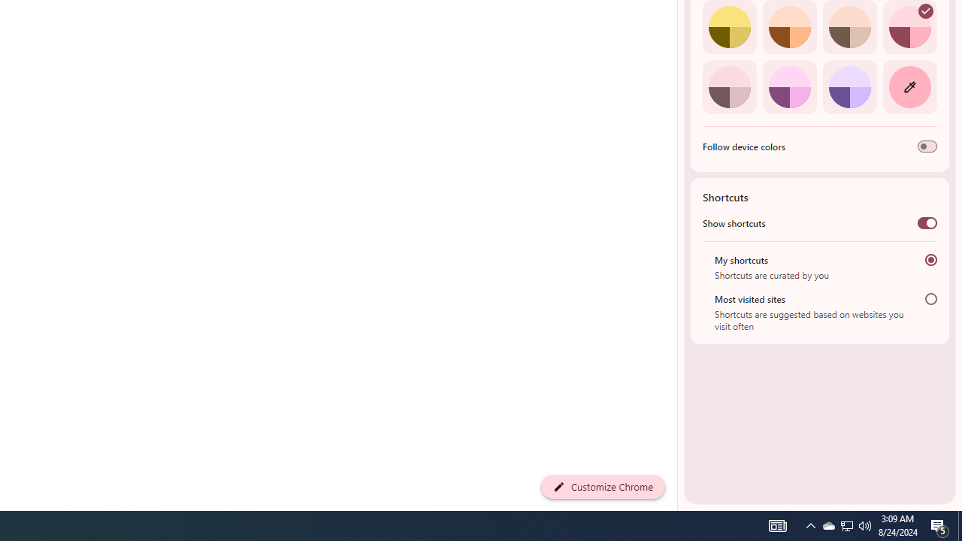 This screenshot has width=962, height=541. I want to click on 'AutomationID: svg', so click(925, 11).